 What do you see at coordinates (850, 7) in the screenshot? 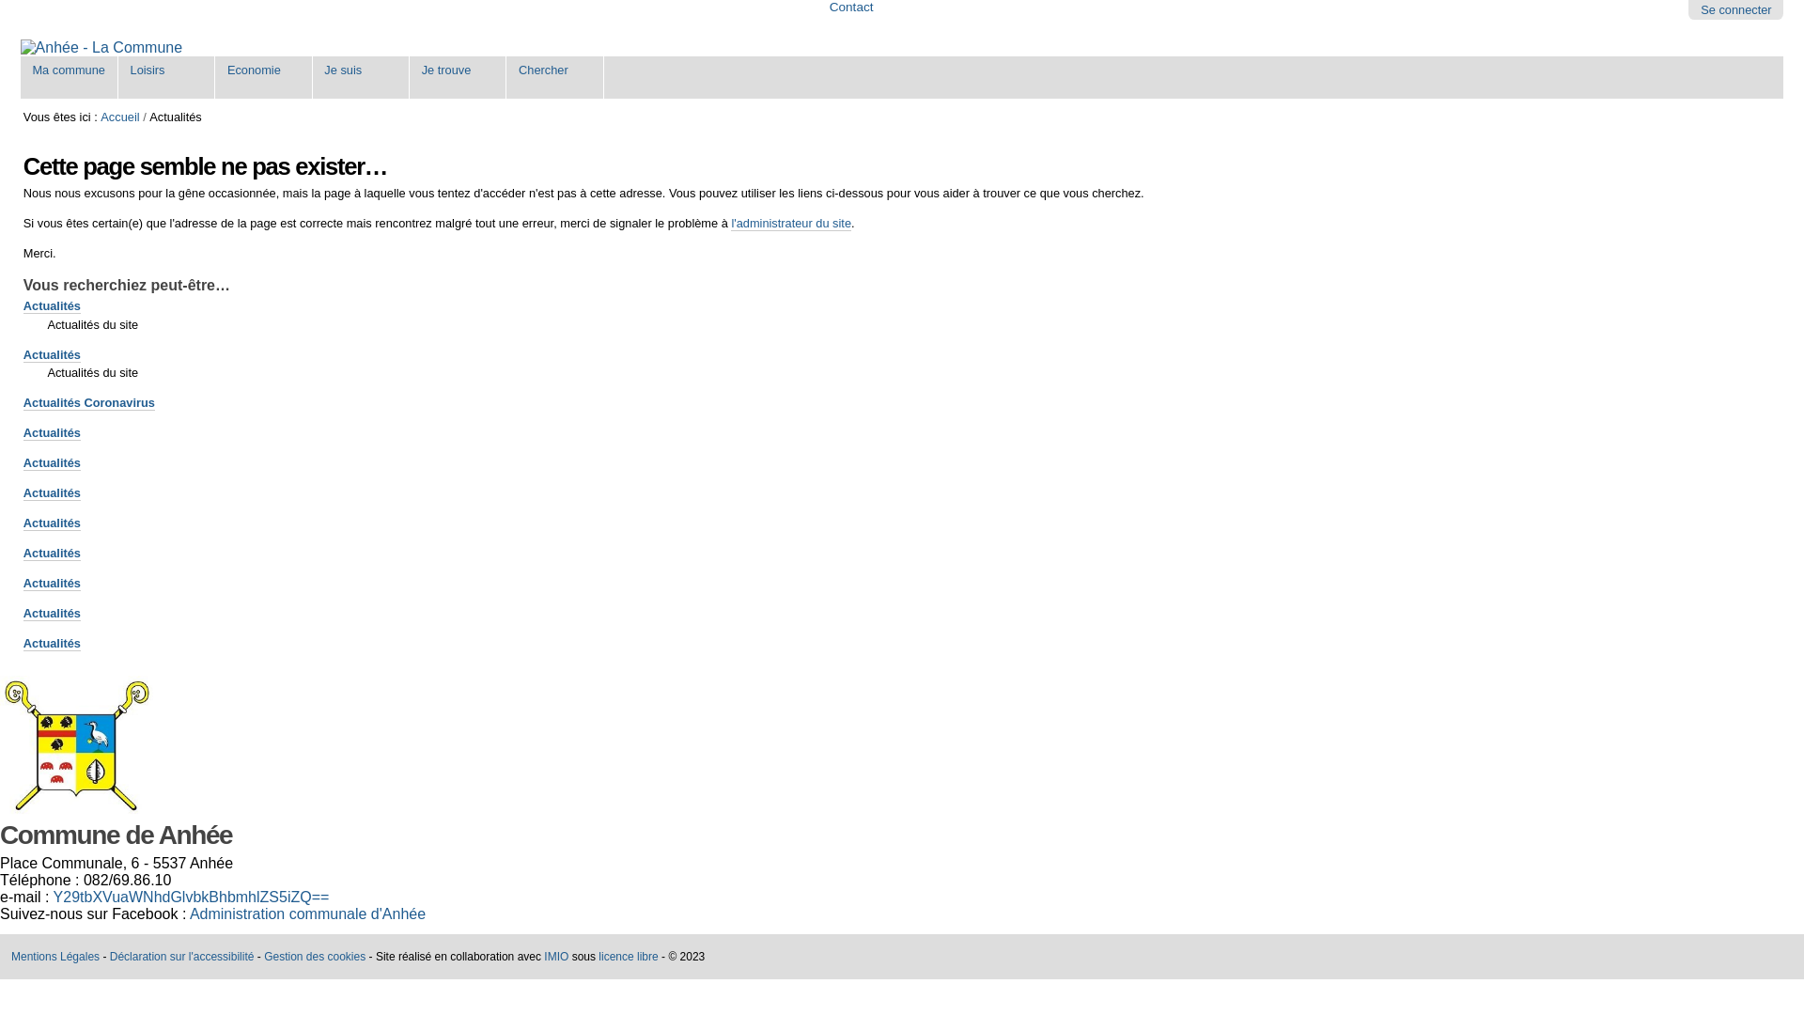
I see `'Contact'` at bounding box center [850, 7].